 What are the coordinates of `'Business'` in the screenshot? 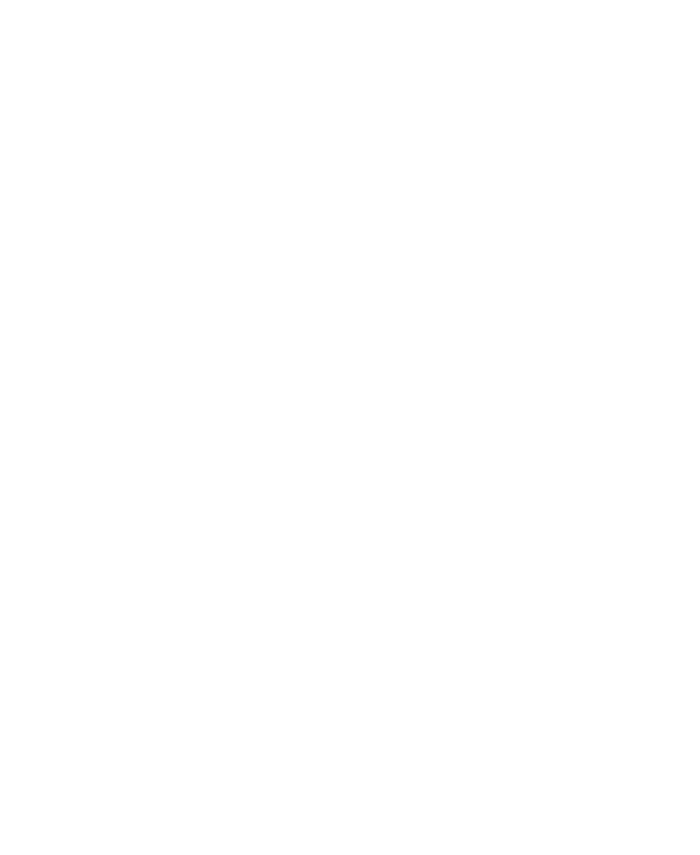 It's located at (72, 34).